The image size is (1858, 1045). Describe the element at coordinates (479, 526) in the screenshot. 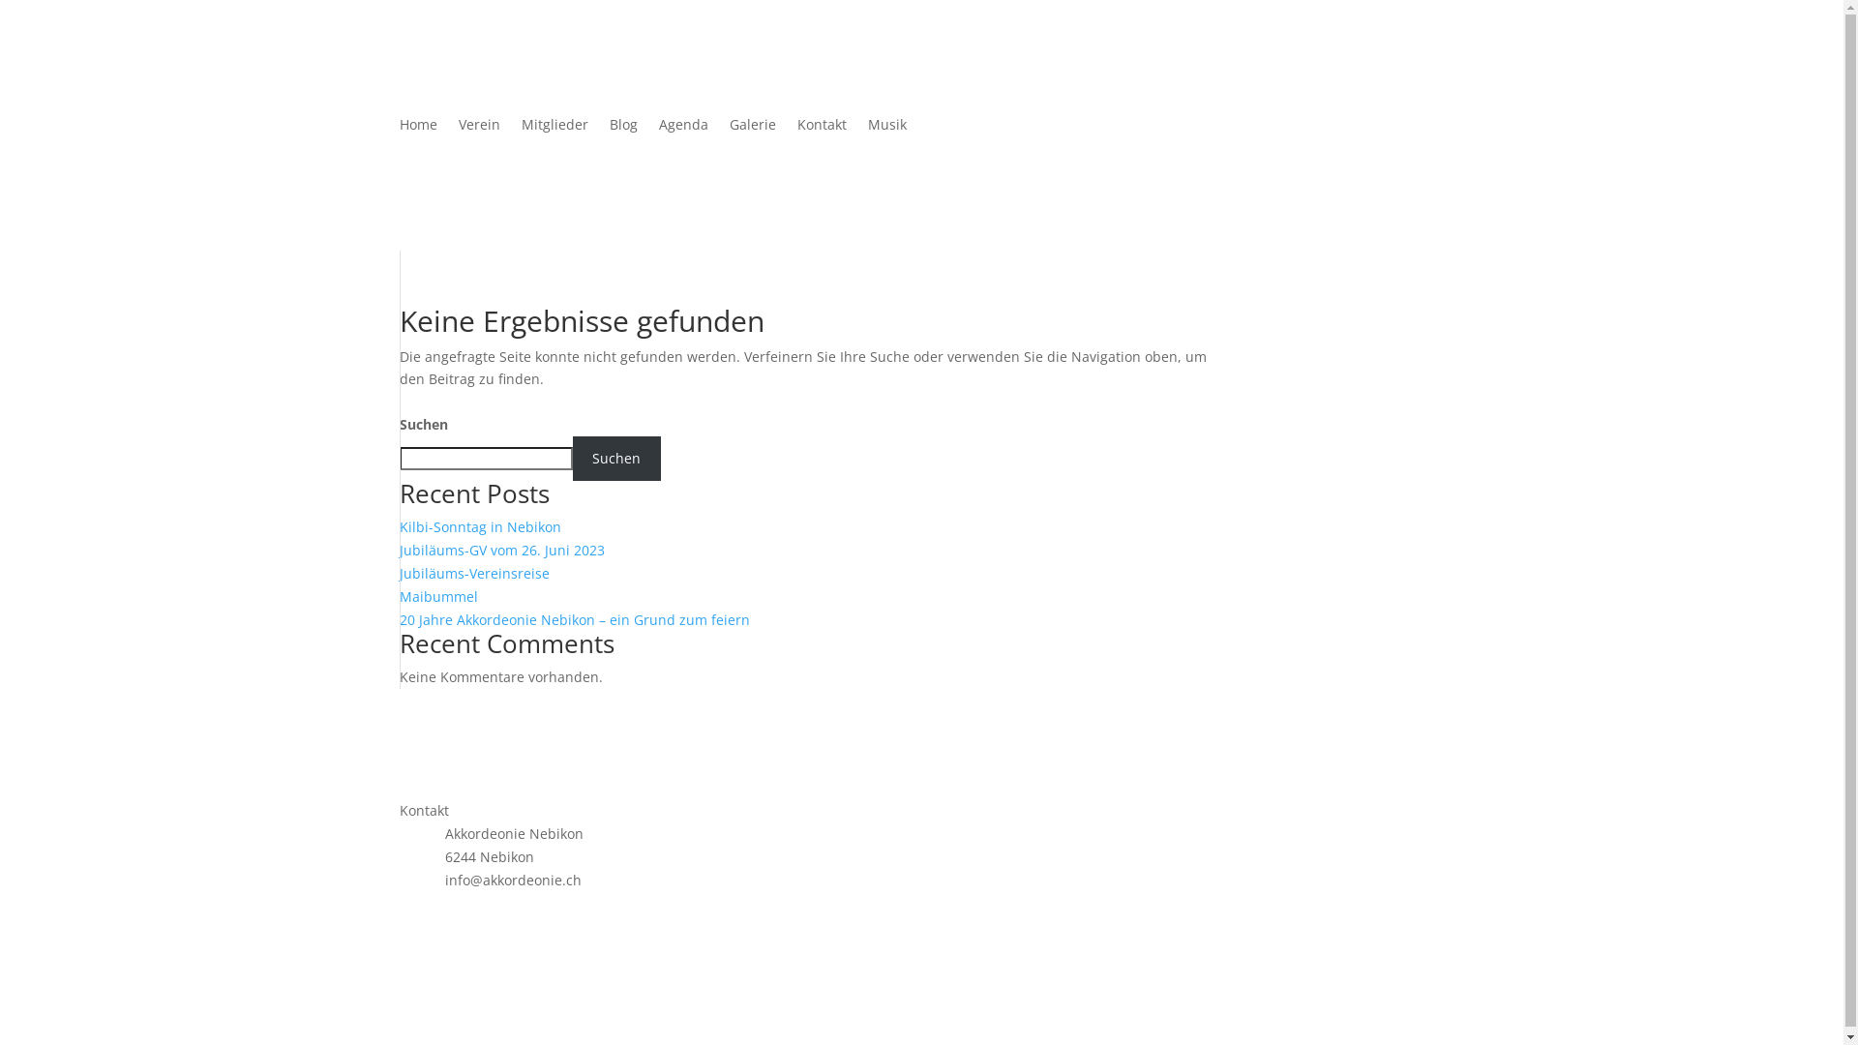

I see `'Kilbi-Sonntag in Nebikon'` at that location.